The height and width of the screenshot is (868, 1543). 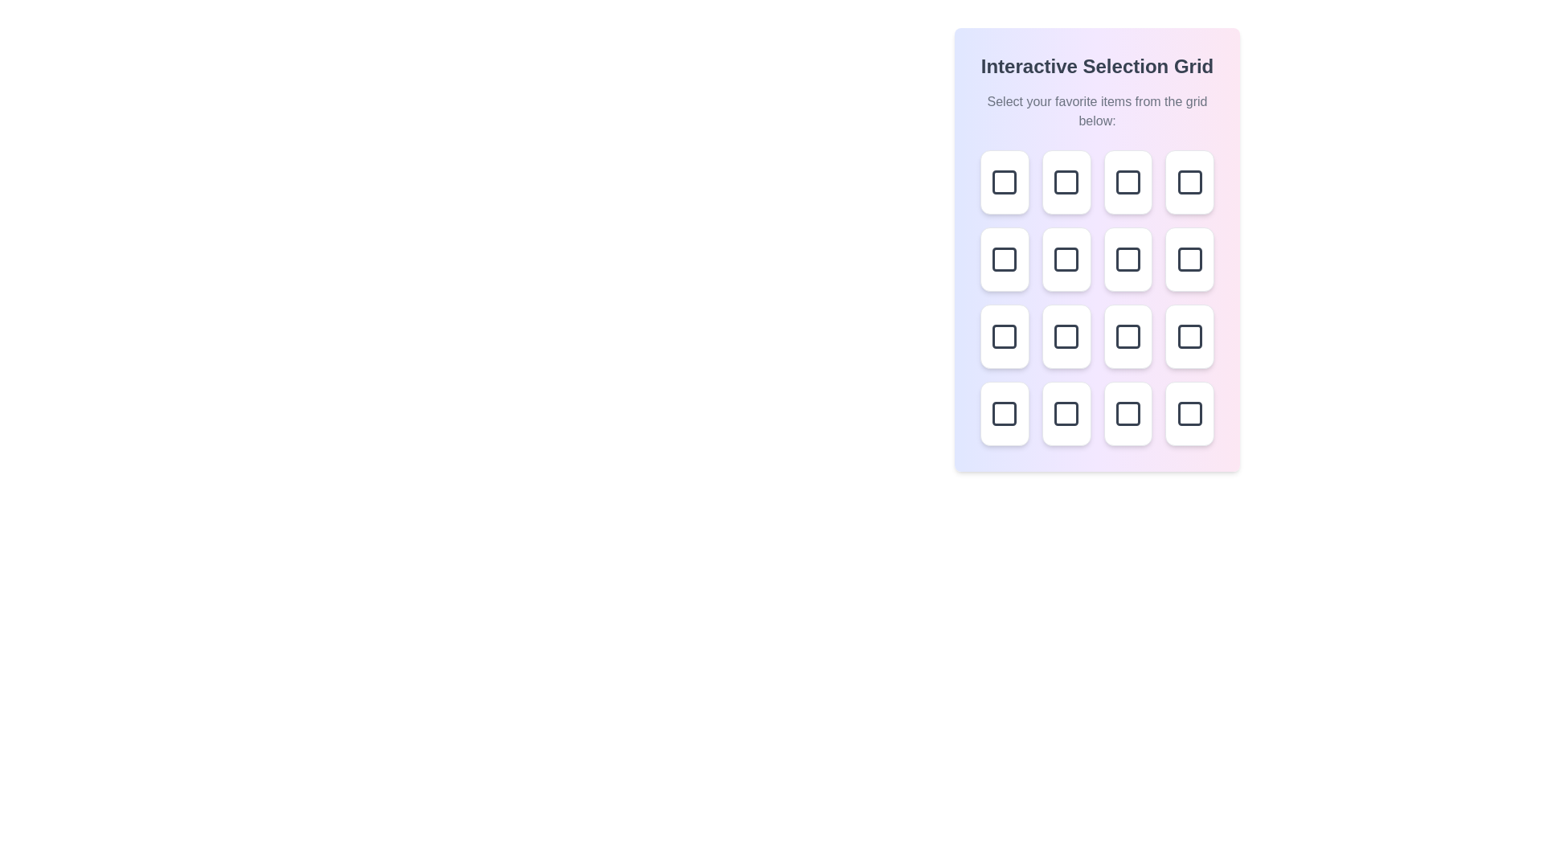 I want to click on the selectable grid tile located in the last row and second column from the left, so click(x=1066, y=413).